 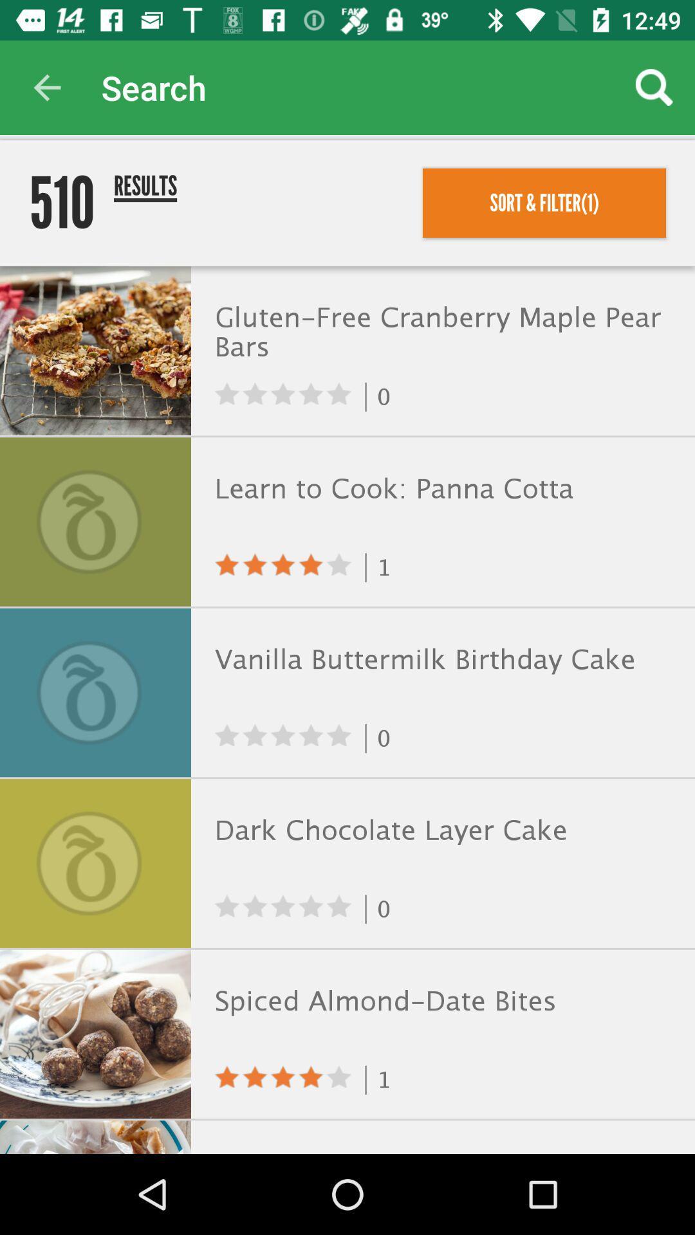 I want to click on the app to the right of the search icon, so click(x=654, y=87).